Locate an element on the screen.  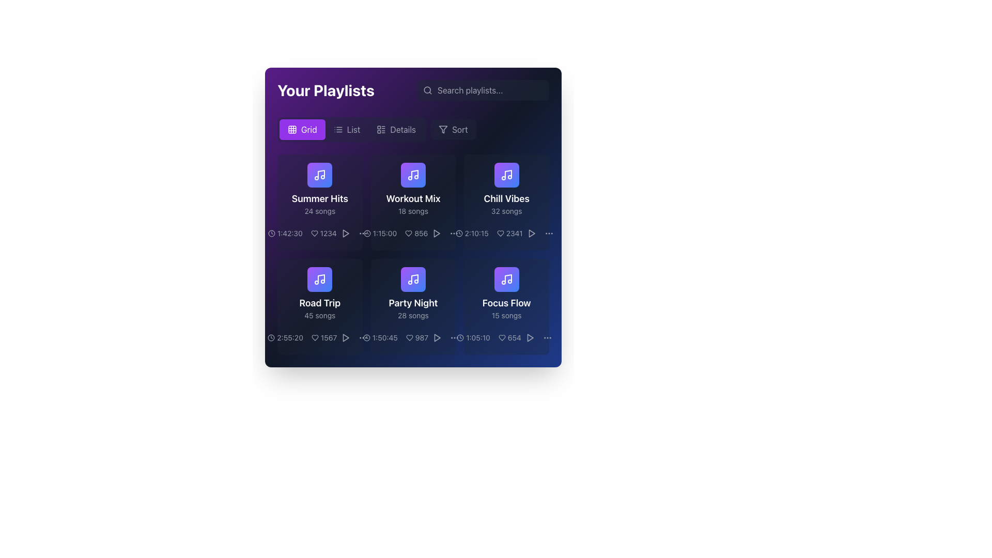
the static text label indicating the number of likes or favorites for the 'Party Night' playlist, located below the playlist title and to the right of the time duration text '1:50:45' is located at coordinates (417, 338).